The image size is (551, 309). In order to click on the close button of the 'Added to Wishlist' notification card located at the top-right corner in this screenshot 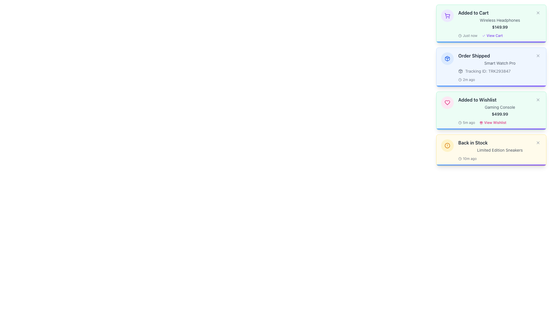, I will do `click(538, 99)`.